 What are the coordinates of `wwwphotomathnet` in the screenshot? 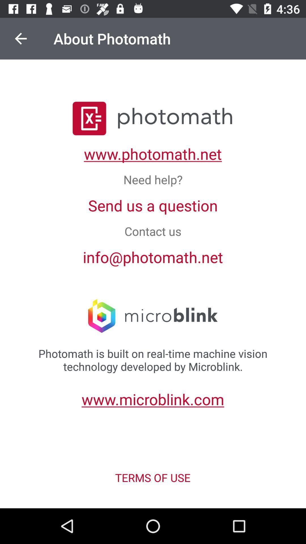 It's located at (152, 154).